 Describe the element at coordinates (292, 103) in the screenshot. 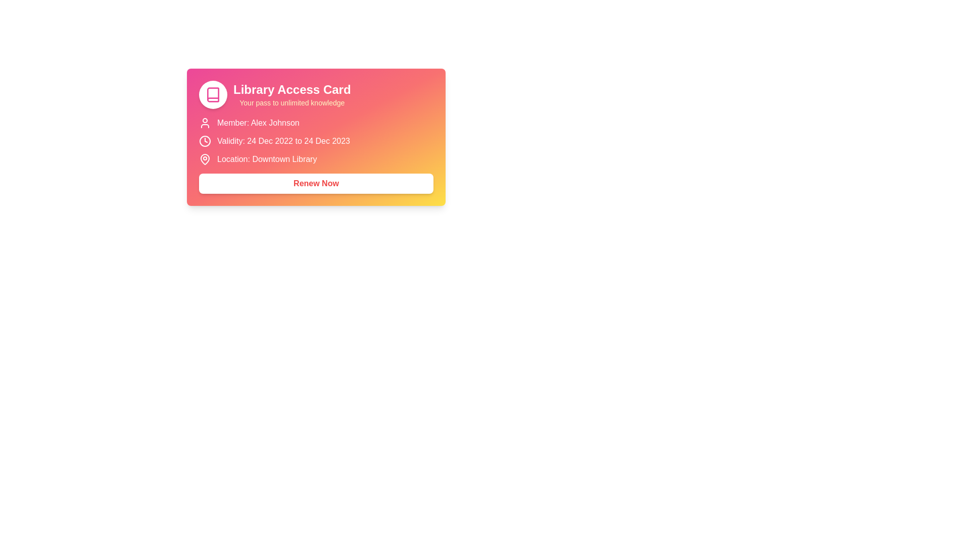

I see `the label displaying 'Your pass to unlimited knowledge', which is styled with a small font size and yellowish-white text color, located directly below 'Library Access Card' within the card's header section` at that location.